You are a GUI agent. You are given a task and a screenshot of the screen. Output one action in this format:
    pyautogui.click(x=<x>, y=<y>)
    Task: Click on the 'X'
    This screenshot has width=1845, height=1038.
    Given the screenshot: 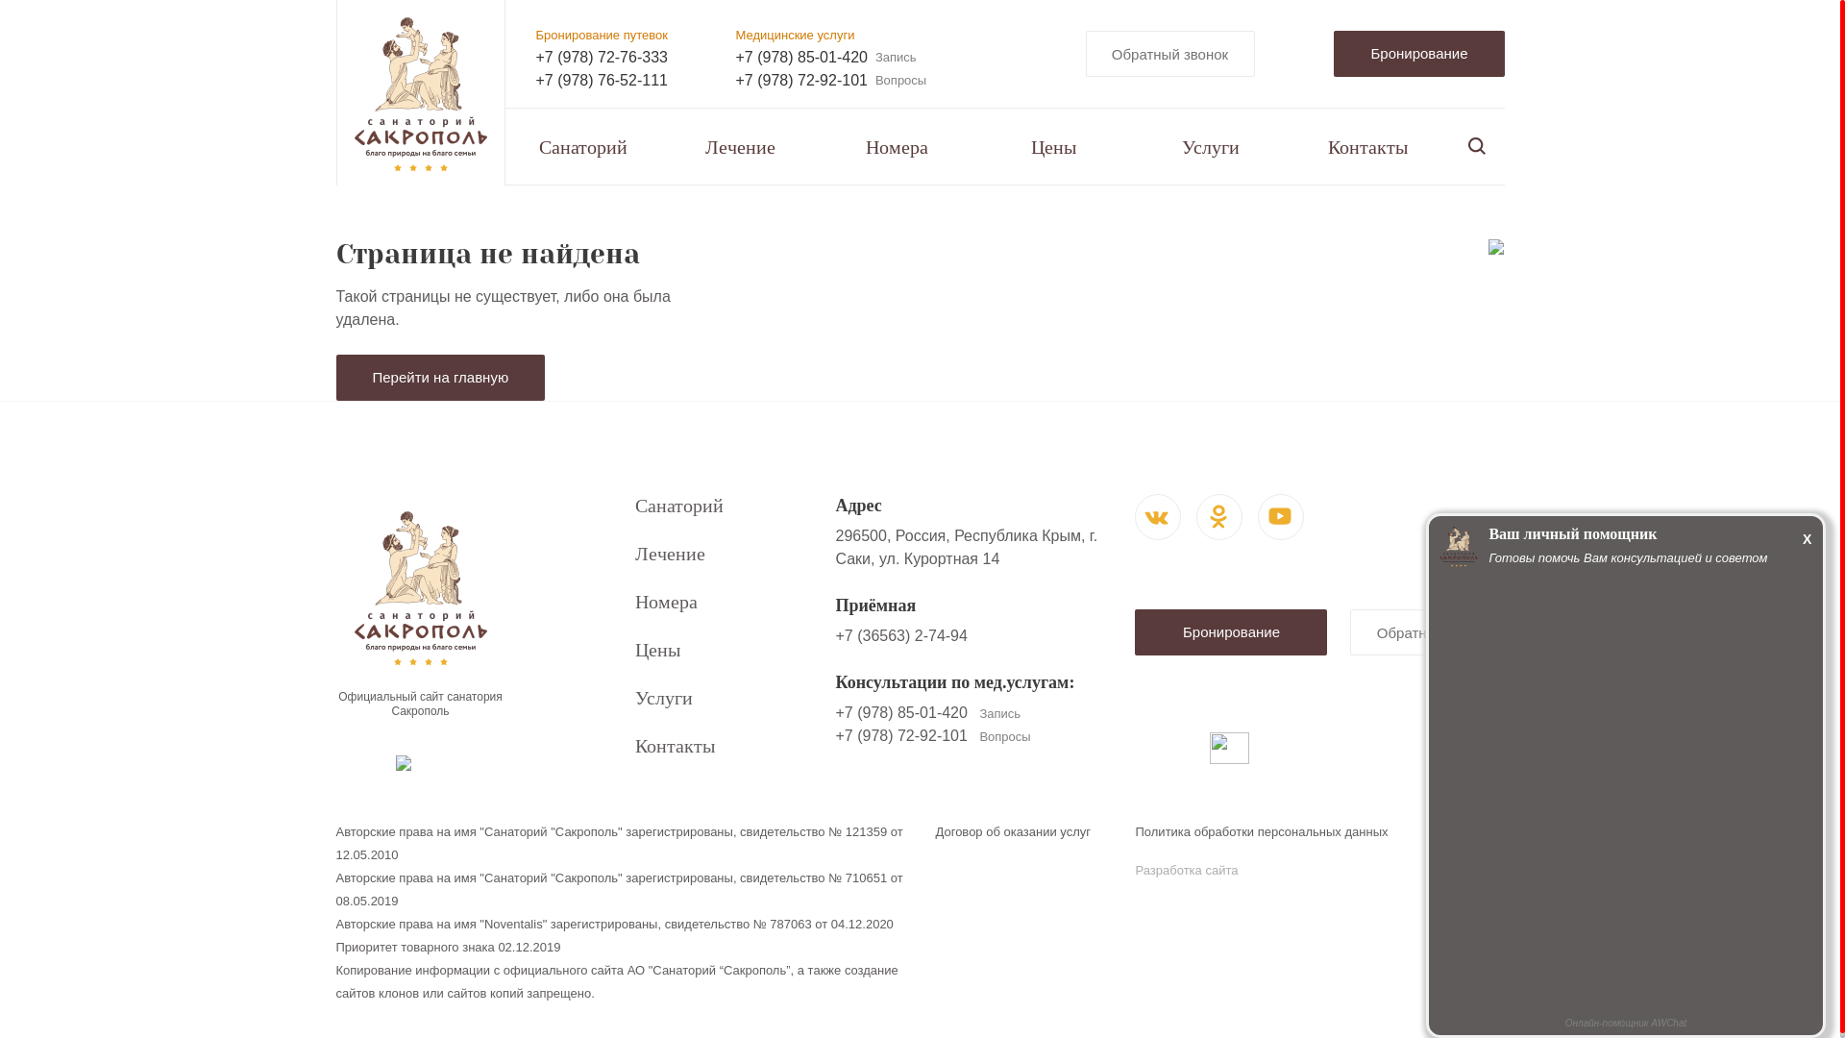 What is the action you would take?
    pyautogui.click(x=1806, y=537)
    